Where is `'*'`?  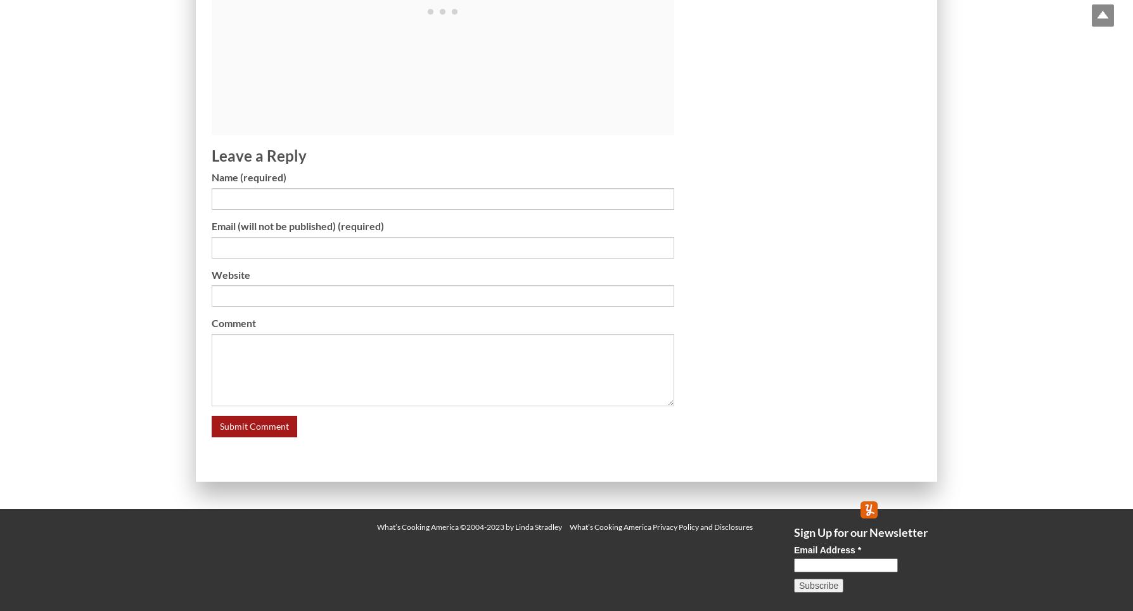 '*' is located at coordinates (859, 550).